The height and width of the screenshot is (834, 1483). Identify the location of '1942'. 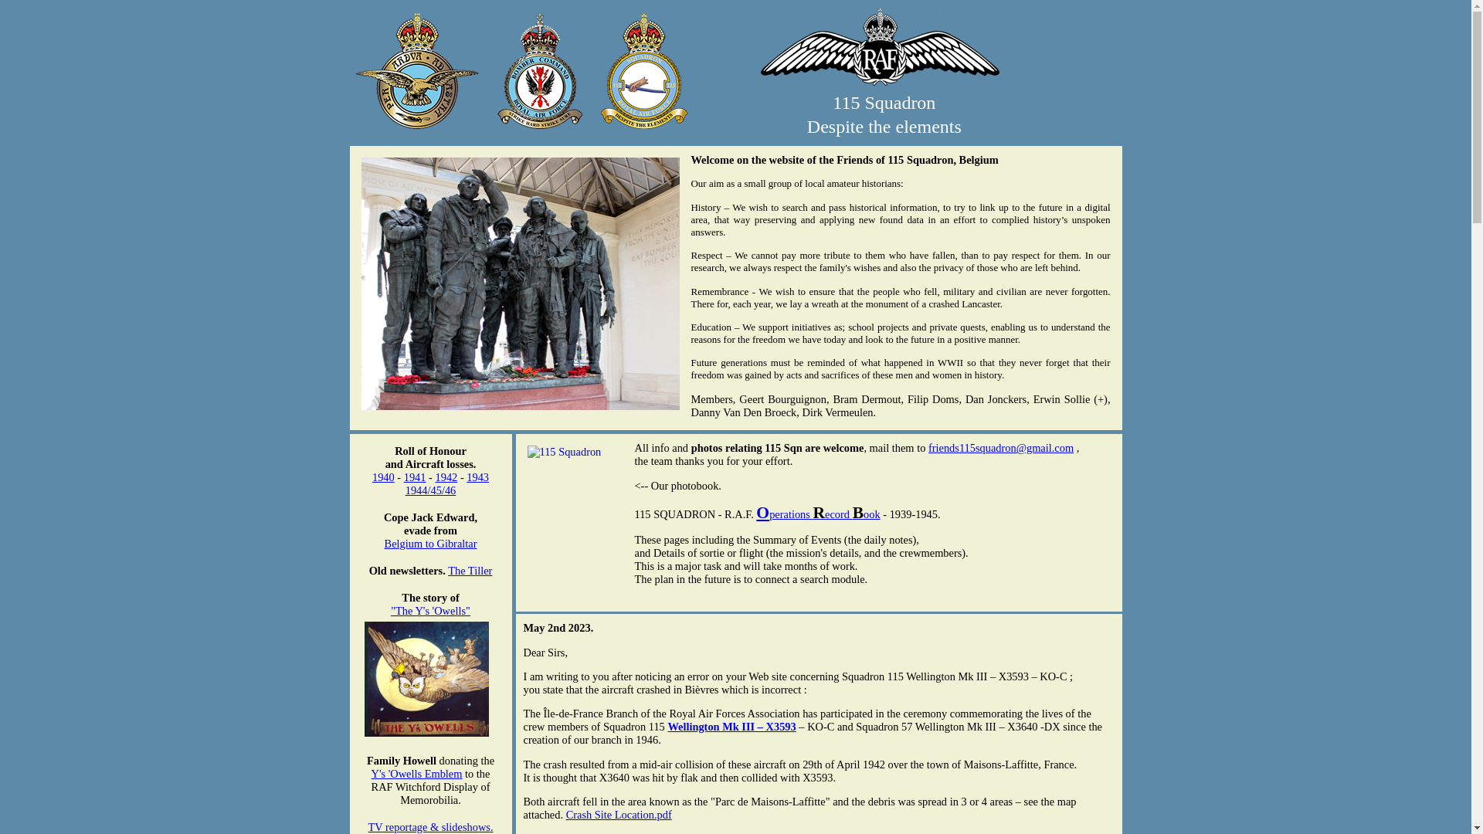
(446, 476).